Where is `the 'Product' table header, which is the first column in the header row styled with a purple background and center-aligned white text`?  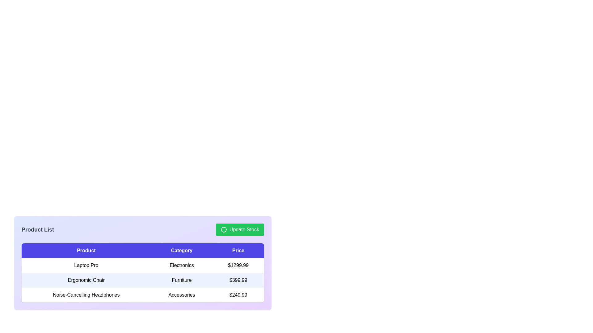 the 'Product' table header, which is the first column in the header row styled with a purple background and center-aligned white text is located at coordinates (86, 251).